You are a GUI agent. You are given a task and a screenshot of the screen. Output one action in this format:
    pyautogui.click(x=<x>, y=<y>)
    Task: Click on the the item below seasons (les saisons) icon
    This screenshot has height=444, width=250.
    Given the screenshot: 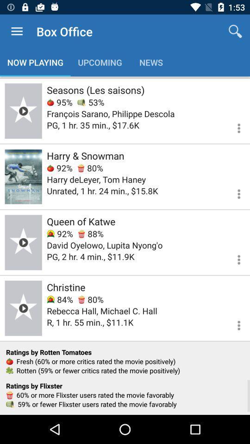 What is the action you would take?
    pyautogui.click(x=91, y=102)
    